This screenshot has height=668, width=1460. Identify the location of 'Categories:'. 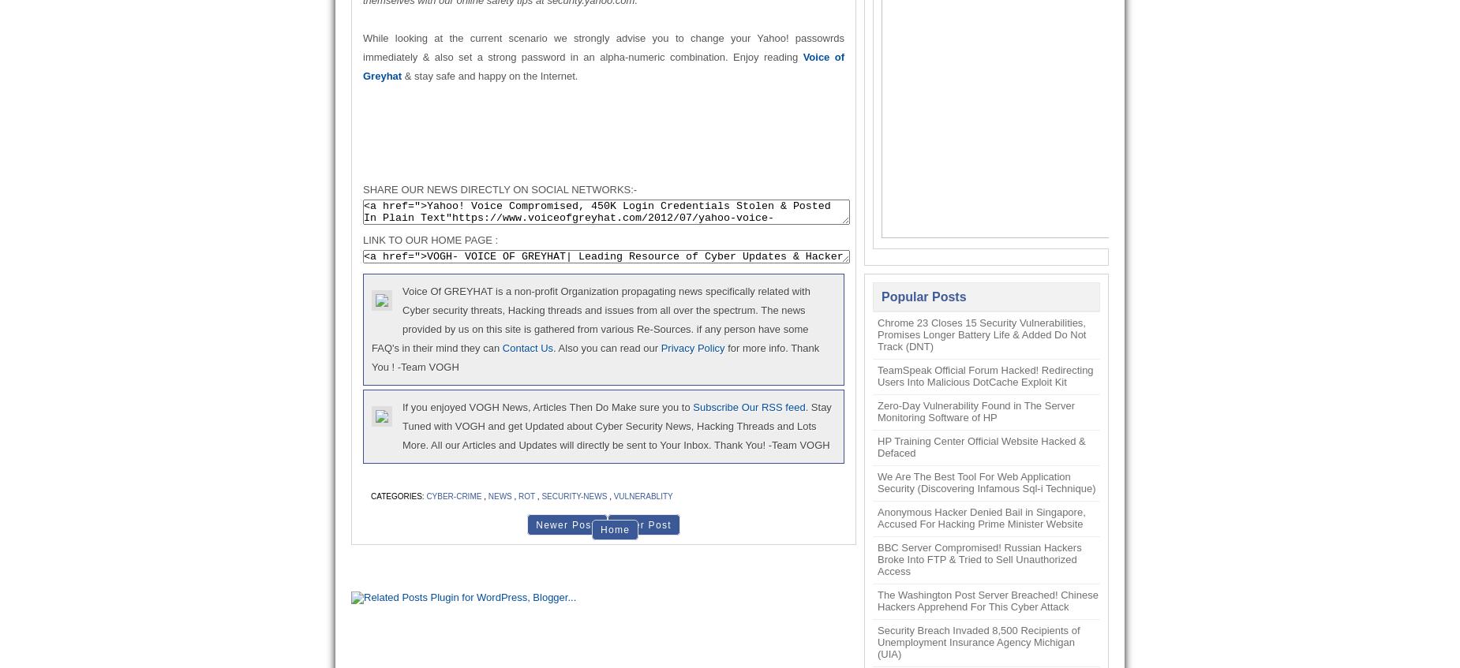
(371, 495).